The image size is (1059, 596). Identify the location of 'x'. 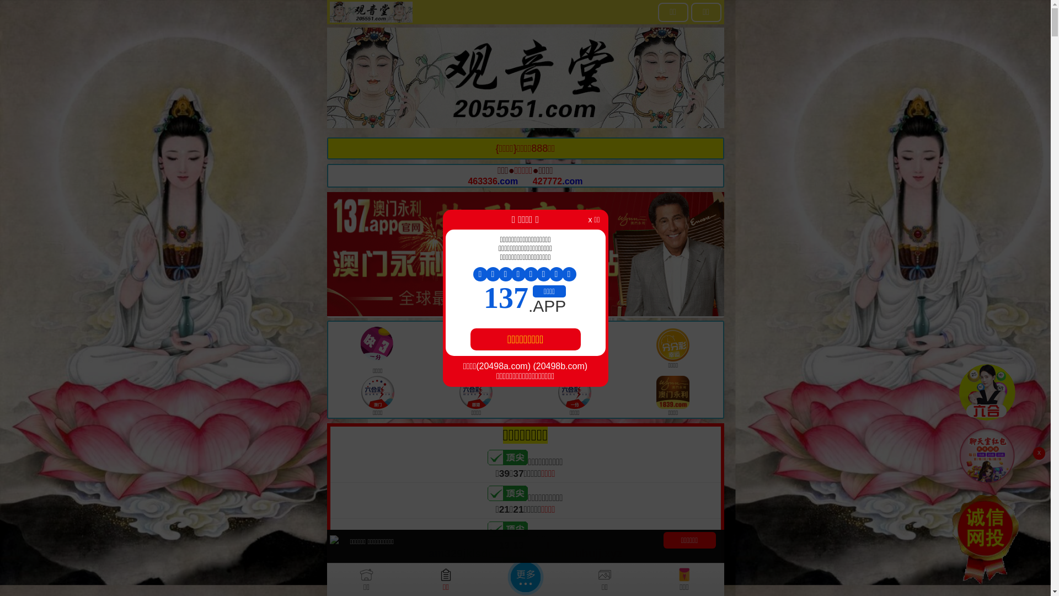
(1038, 453).